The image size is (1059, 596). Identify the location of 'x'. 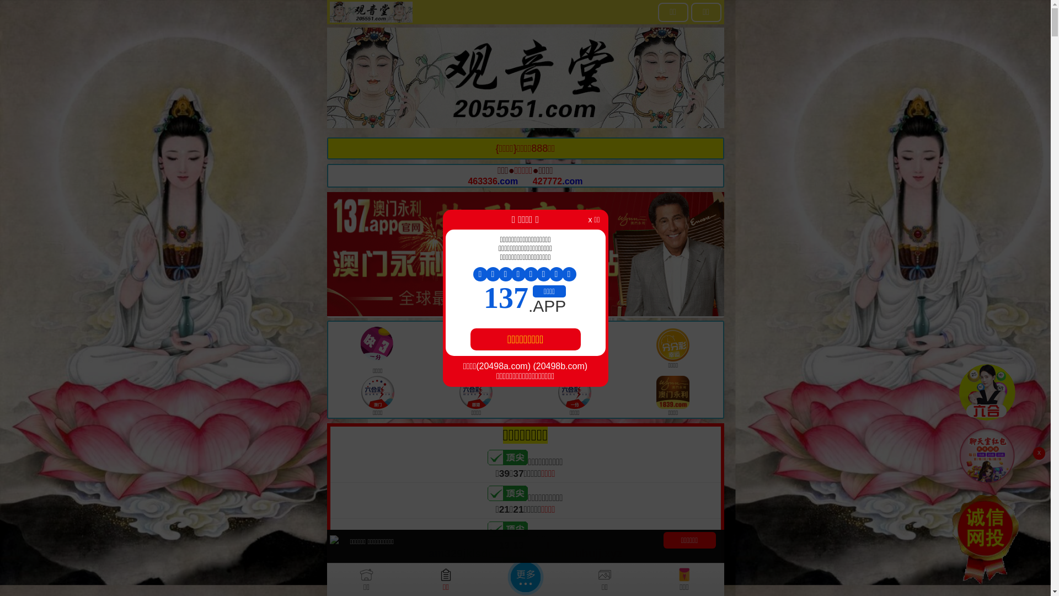
(1038, 453).